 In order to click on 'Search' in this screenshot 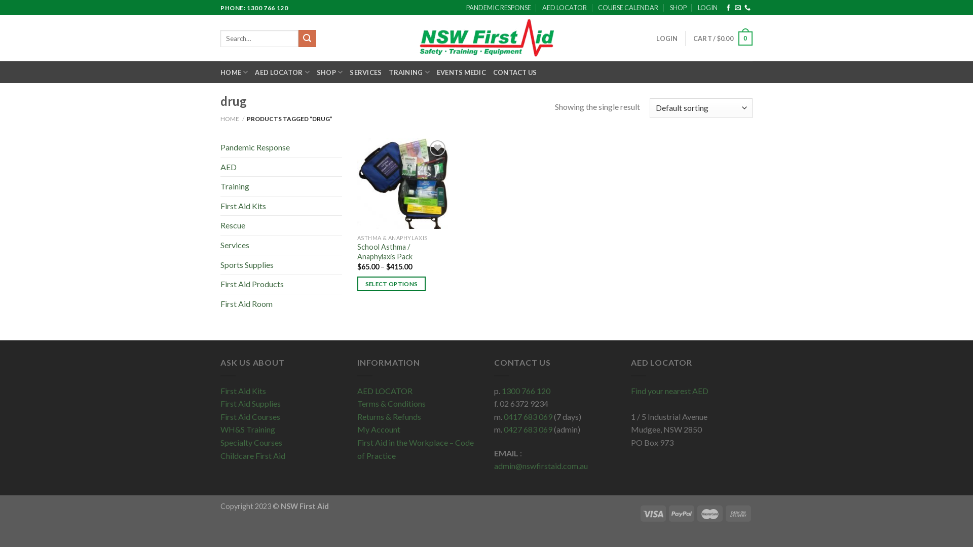, I will do `click(298, 38)`.